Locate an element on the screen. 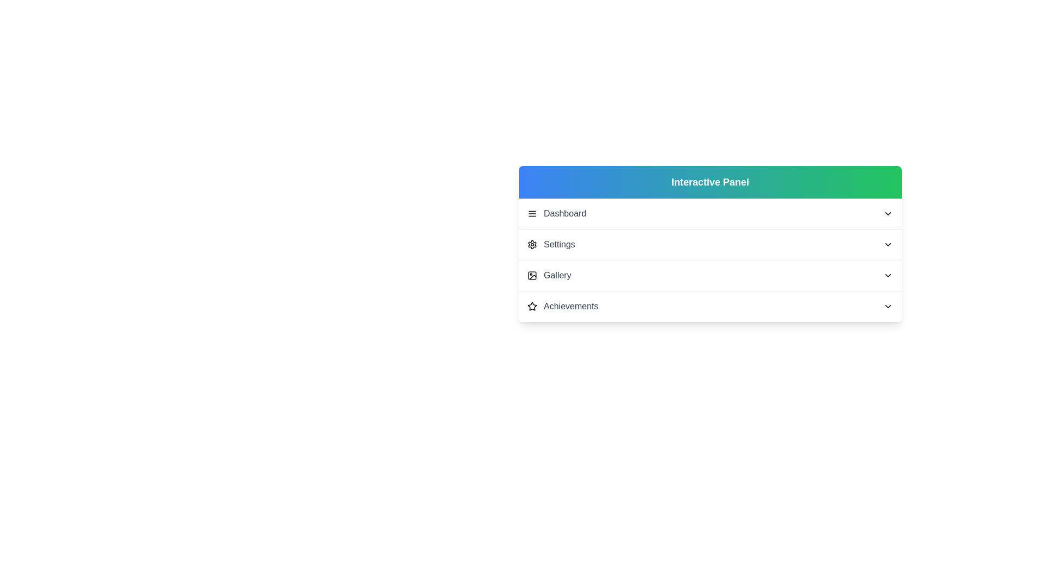 The height and width of the screenshot is (586, 1043). the 'Dashboard' menu item, which is the first item in the navigation list under the 'Interactive Panel' section, identifiable by its icon of three horizontal lines and medium gray font is located at coordinates (557, 213).